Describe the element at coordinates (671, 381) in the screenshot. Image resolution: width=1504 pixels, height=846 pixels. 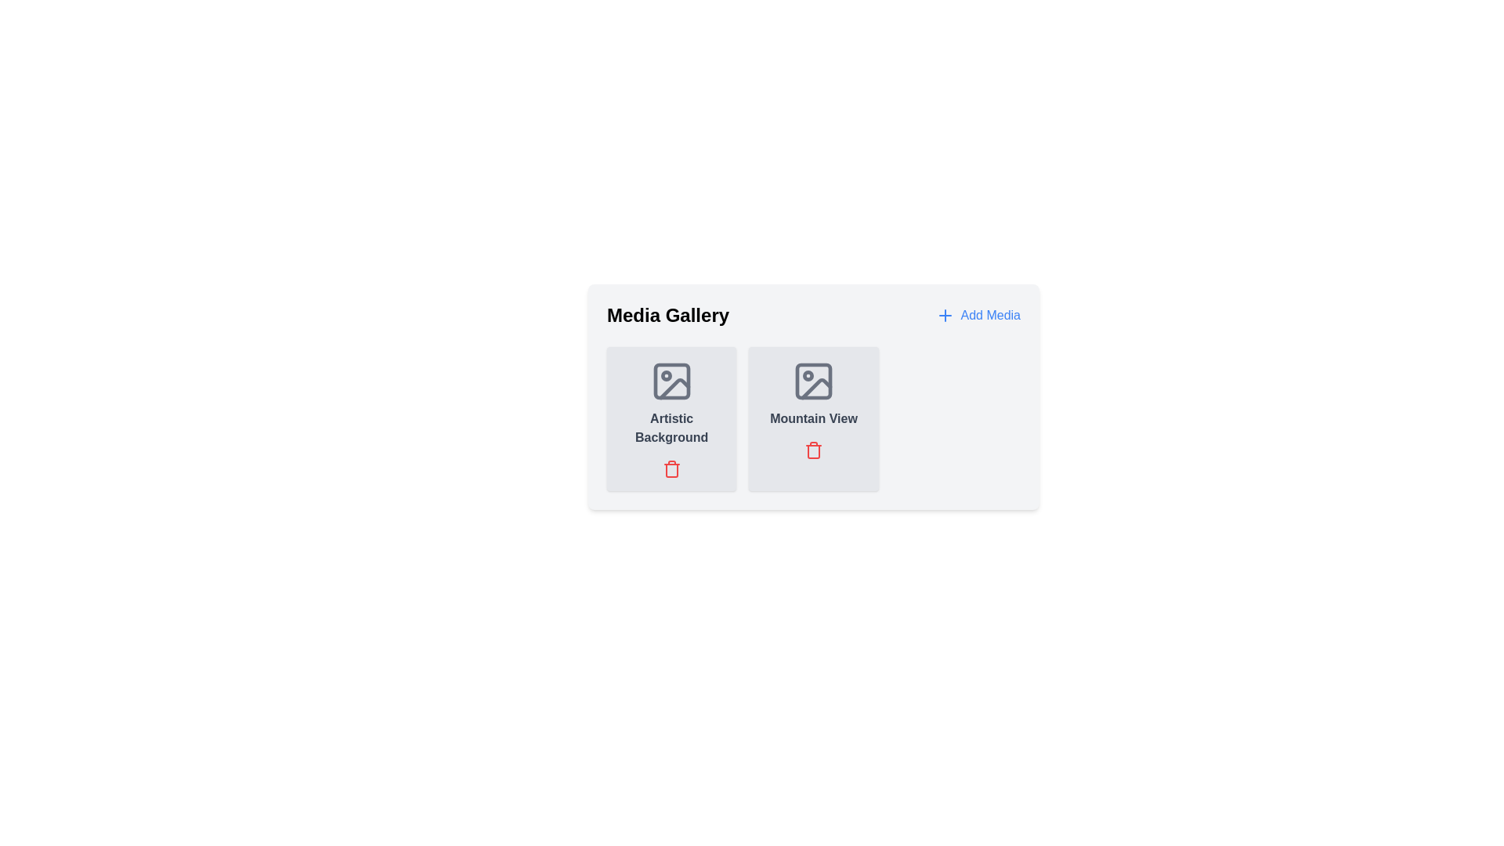
I see `the media file icon located in the upper-left portion of the media gallery grid` at that location.